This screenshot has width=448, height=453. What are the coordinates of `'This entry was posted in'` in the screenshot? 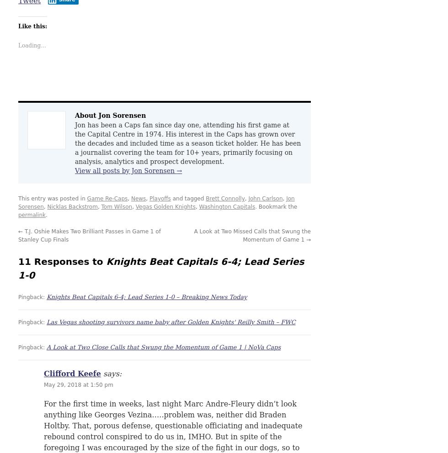 It's located at (52, 198).